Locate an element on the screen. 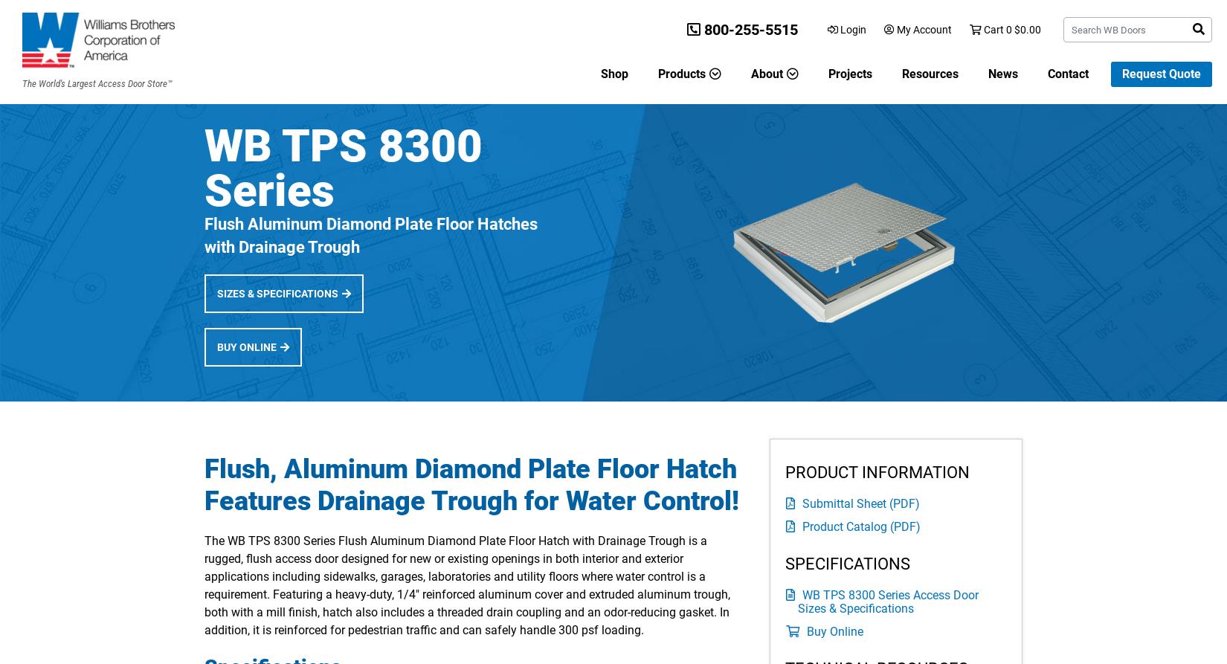  'WB TPS 8300 Series Access Door Sizes & Specifications' is located at coordinates (888, 600).